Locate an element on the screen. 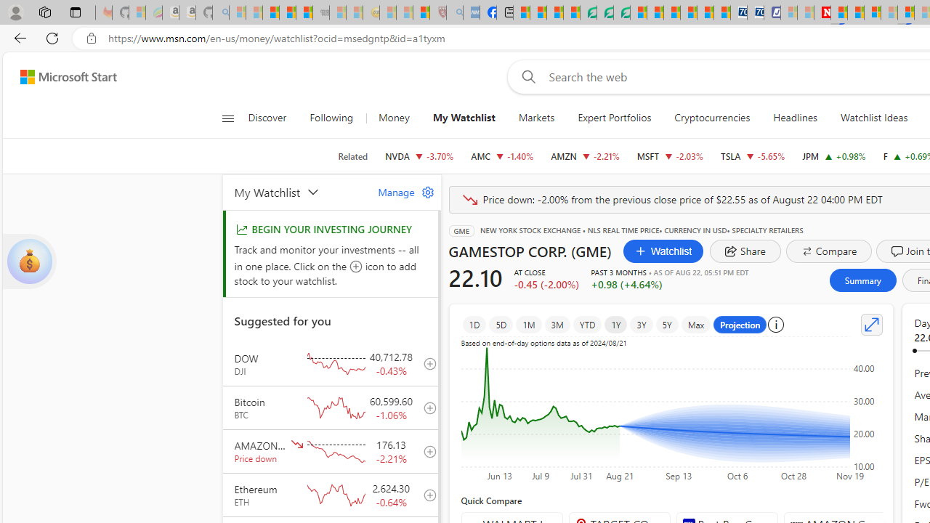 The width and height of the screenshot is (930, 523). '5Y' is located at coordinates (666, 324).